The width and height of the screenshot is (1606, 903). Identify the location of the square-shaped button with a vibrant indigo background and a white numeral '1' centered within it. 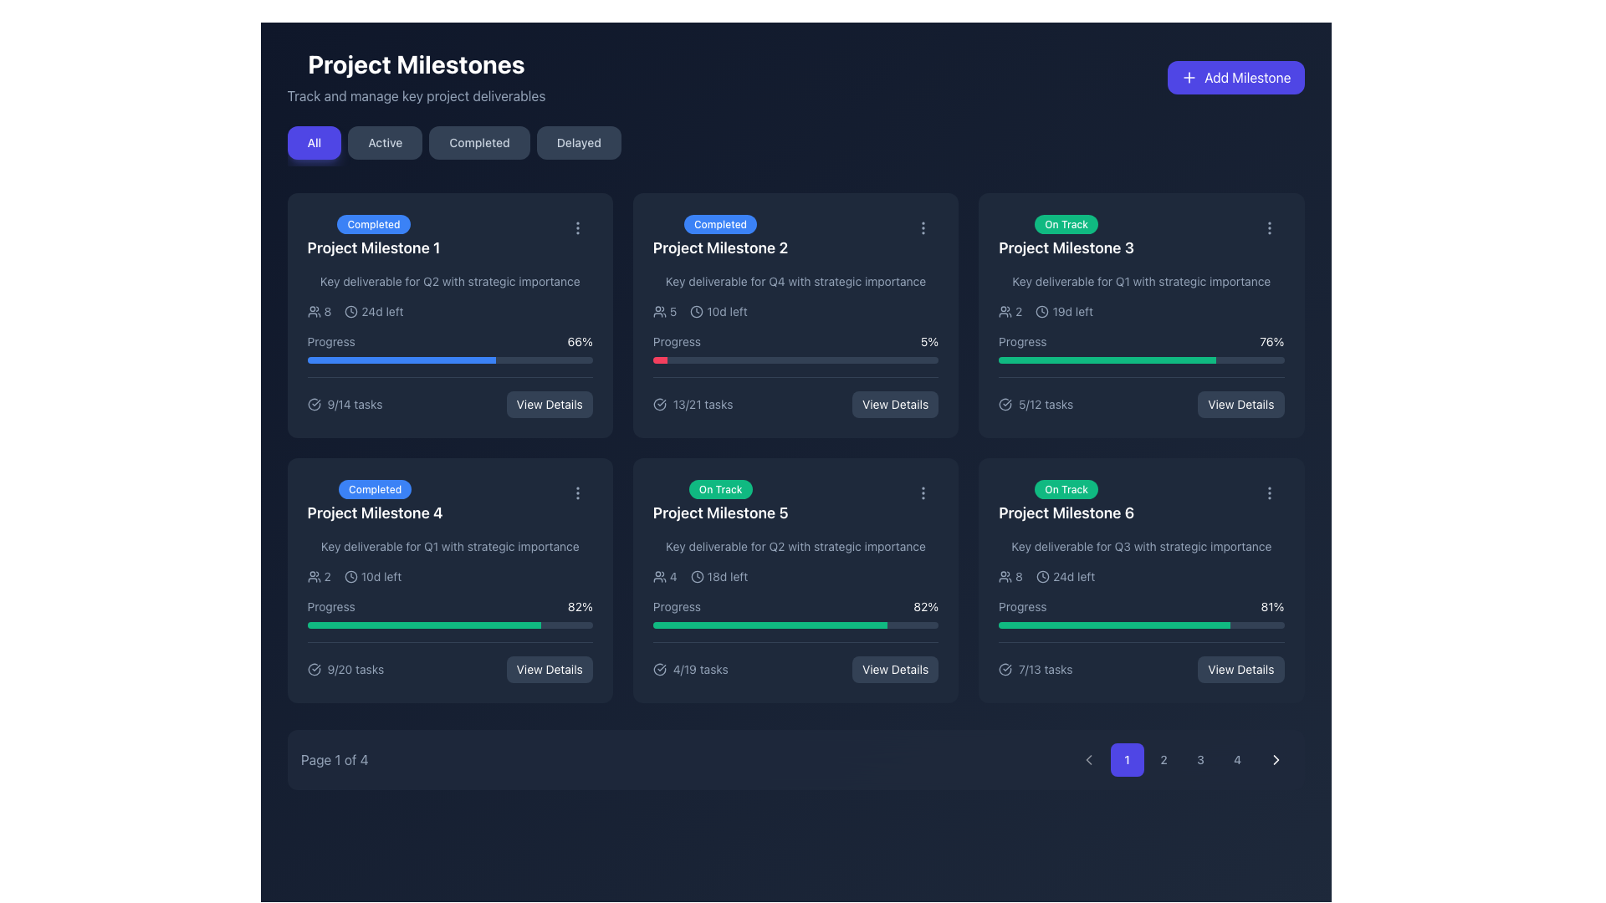
(1127, 760).